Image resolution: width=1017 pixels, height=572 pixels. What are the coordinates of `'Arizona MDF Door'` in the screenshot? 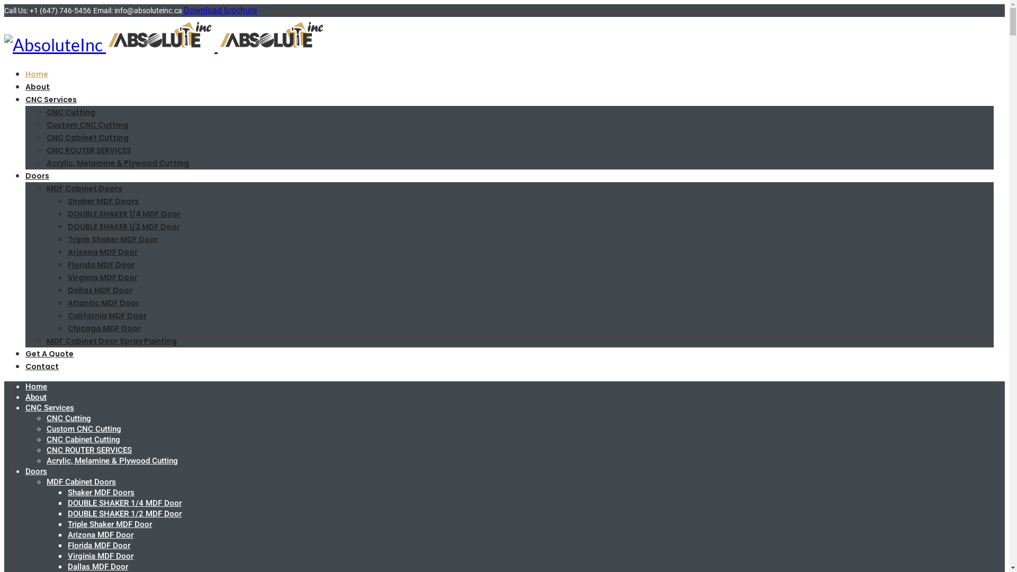 It's located at (102, 252).